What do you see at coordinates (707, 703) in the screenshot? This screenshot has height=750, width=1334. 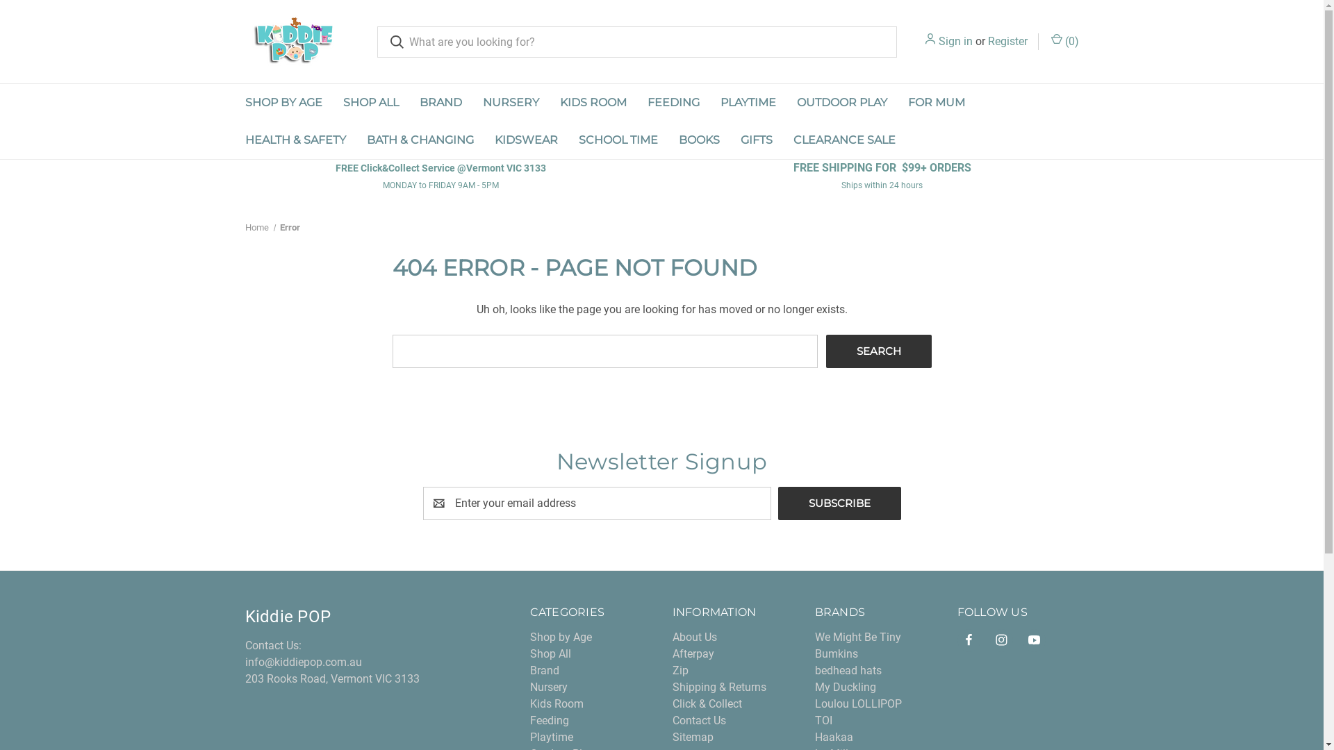 I see `'Click & Collect'` at bounding box center [707, 703].